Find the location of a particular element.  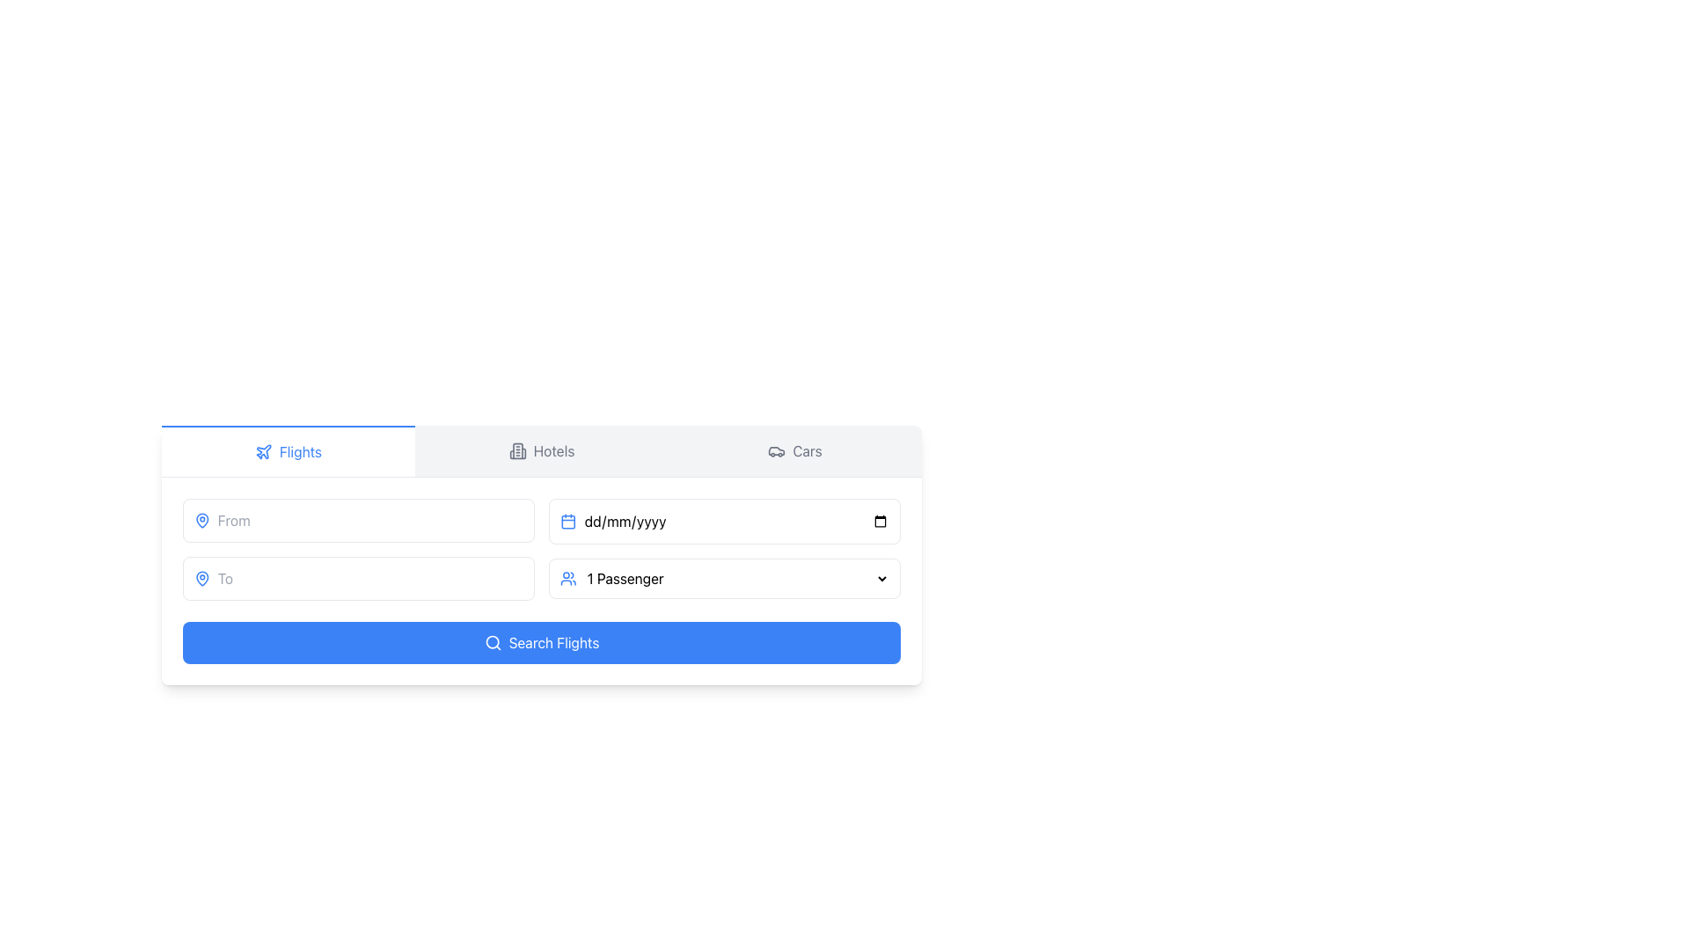

the Flights icon located on the leftmost tab of the navigation bar, which visually represents the active tab for booking flights is located at coordinates (262, 450).